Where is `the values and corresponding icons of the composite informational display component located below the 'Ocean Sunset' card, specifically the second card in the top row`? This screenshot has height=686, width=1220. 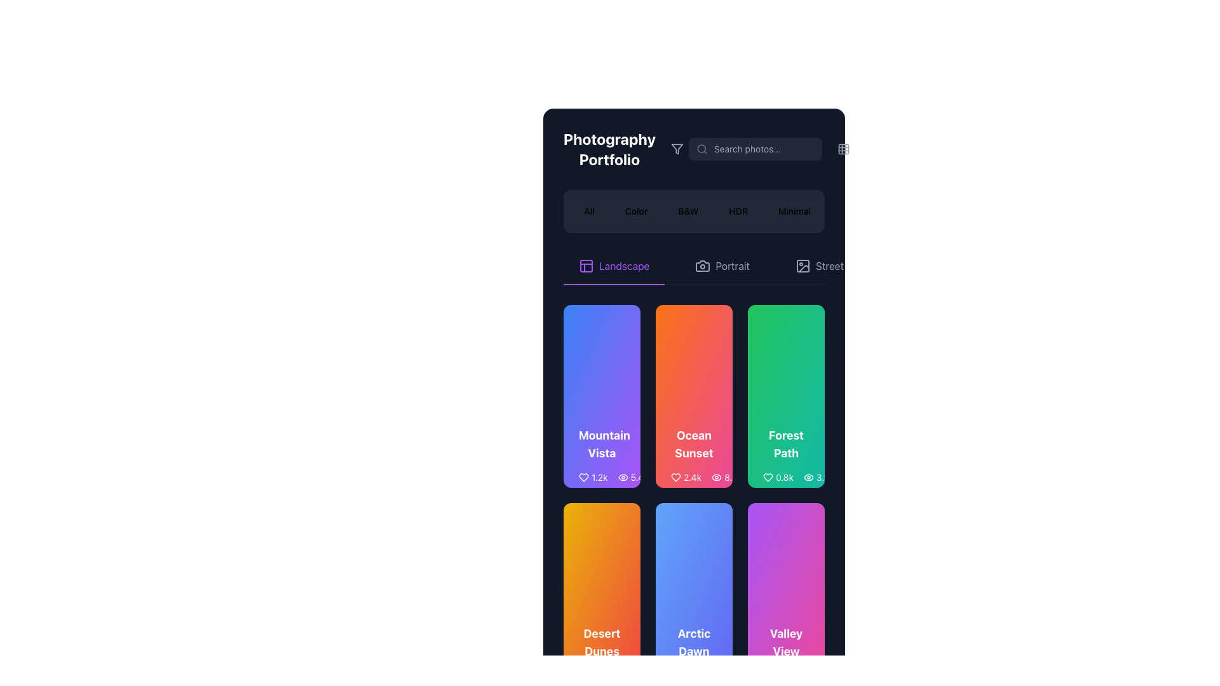
the values and corresponding icons of the composite informational display component located below the 'Ocean Sunset' card, specifically the second card in the top row is located at coordinates (705, 478).